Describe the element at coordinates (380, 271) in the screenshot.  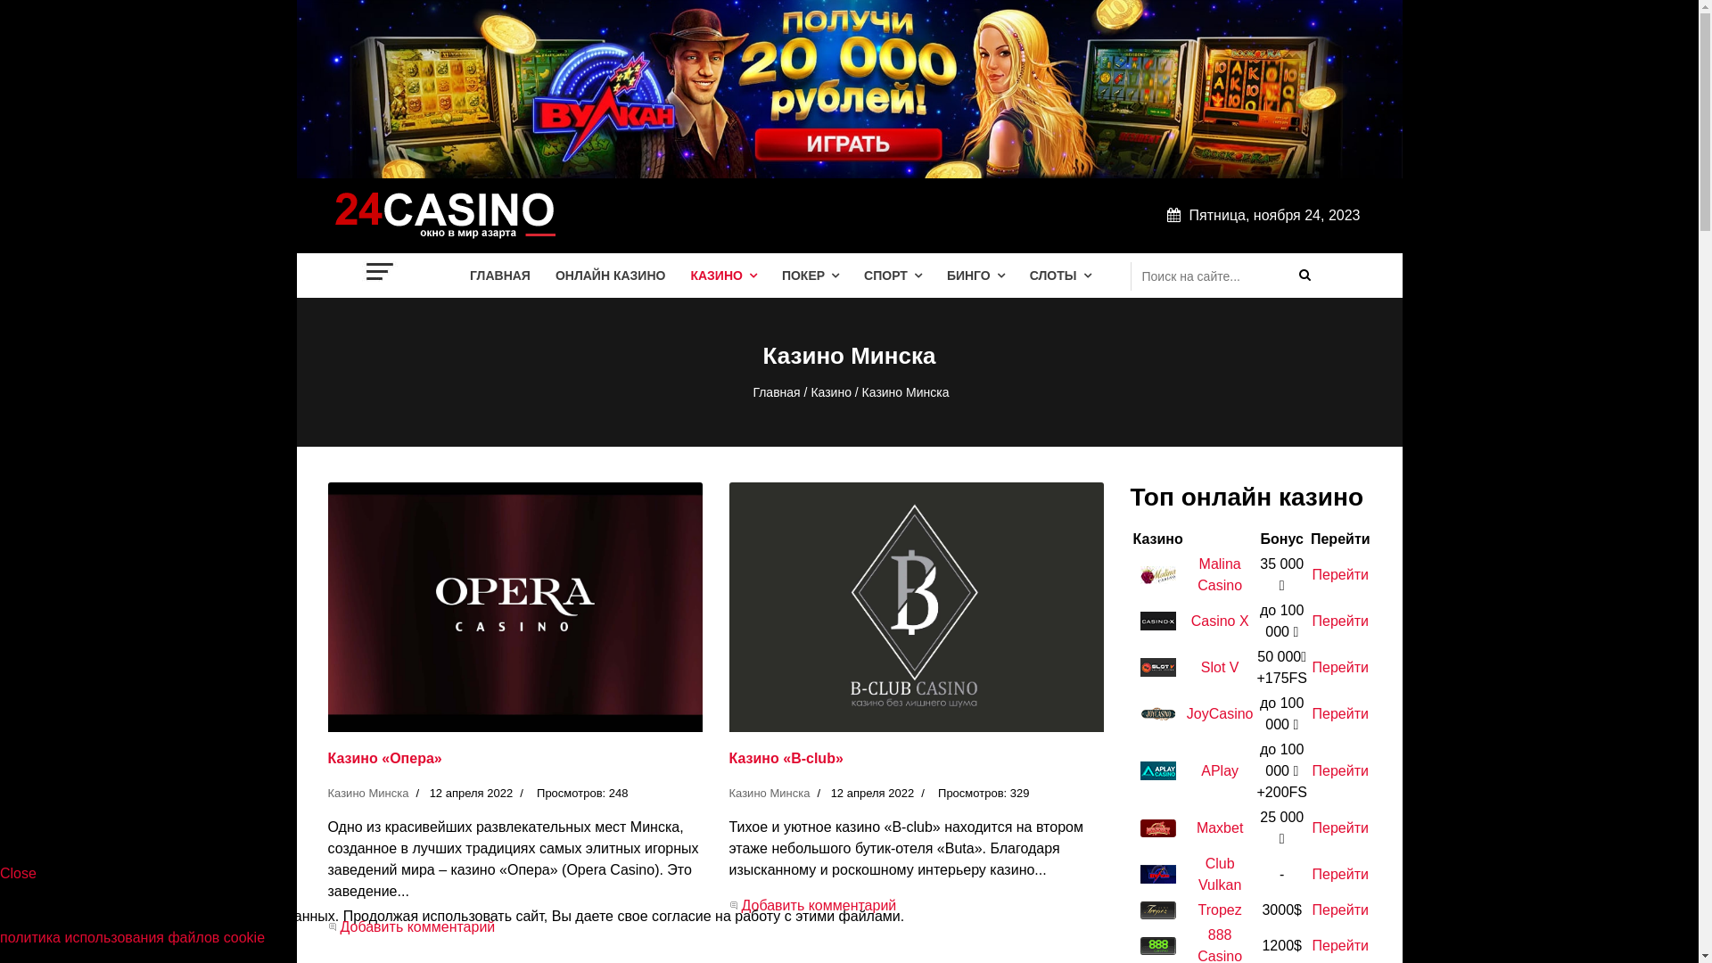
I see `'Navigation'` at that location.